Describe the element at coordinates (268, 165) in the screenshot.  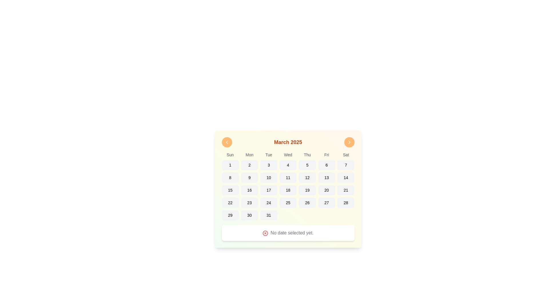
I see `the button representing the date '3' in the calendar interface located under the 'Tue' column` at that location.